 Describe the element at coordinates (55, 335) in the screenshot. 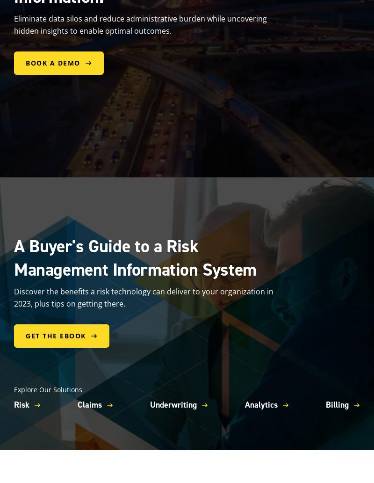

I see `'Get the eBook'` at that location.